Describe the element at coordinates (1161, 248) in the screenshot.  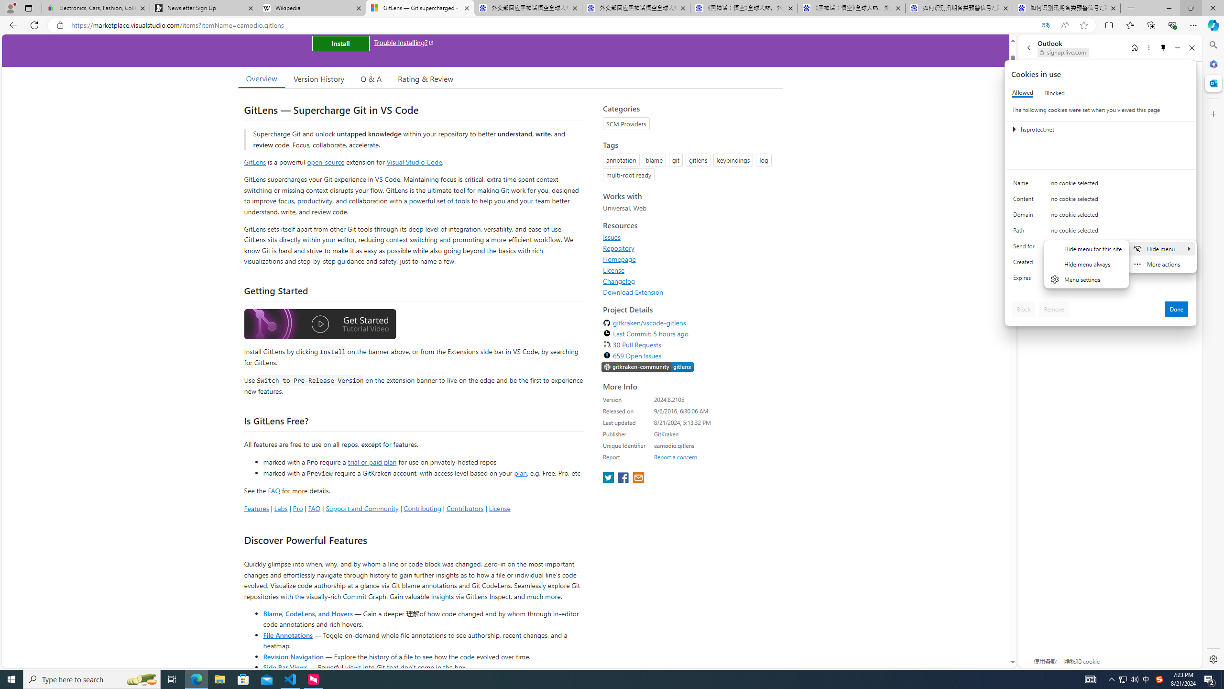
I see `'Hide menu'` at that location.